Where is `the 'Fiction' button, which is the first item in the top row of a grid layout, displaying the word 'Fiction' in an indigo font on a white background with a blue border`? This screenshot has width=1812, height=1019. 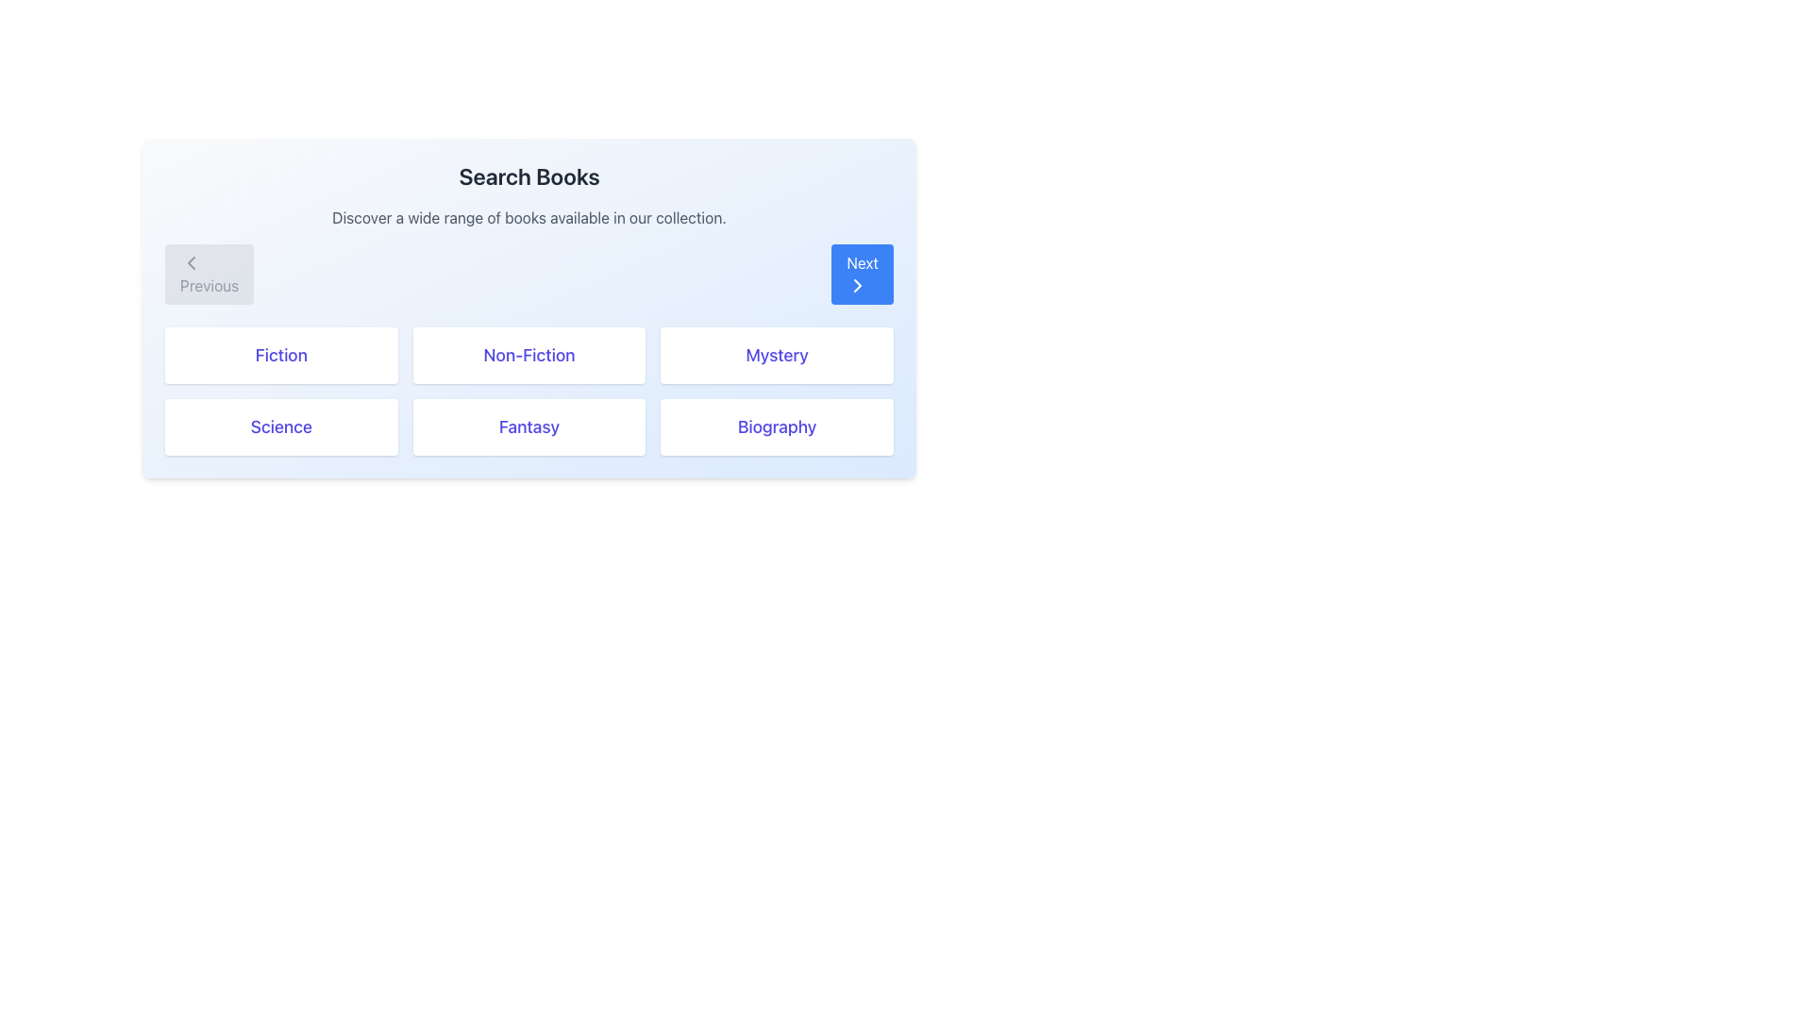 the 'Fiction' button, which is the first item in the top row of a grid layout, displaying the word 'Fiction' in an indigo font on a white background with a blue border is located at coordinates (280, 356).